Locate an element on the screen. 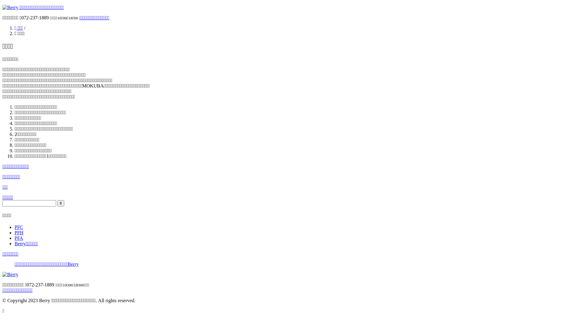 The image size is (582, 327). 'PFA' is located at coordinates (19, 238).